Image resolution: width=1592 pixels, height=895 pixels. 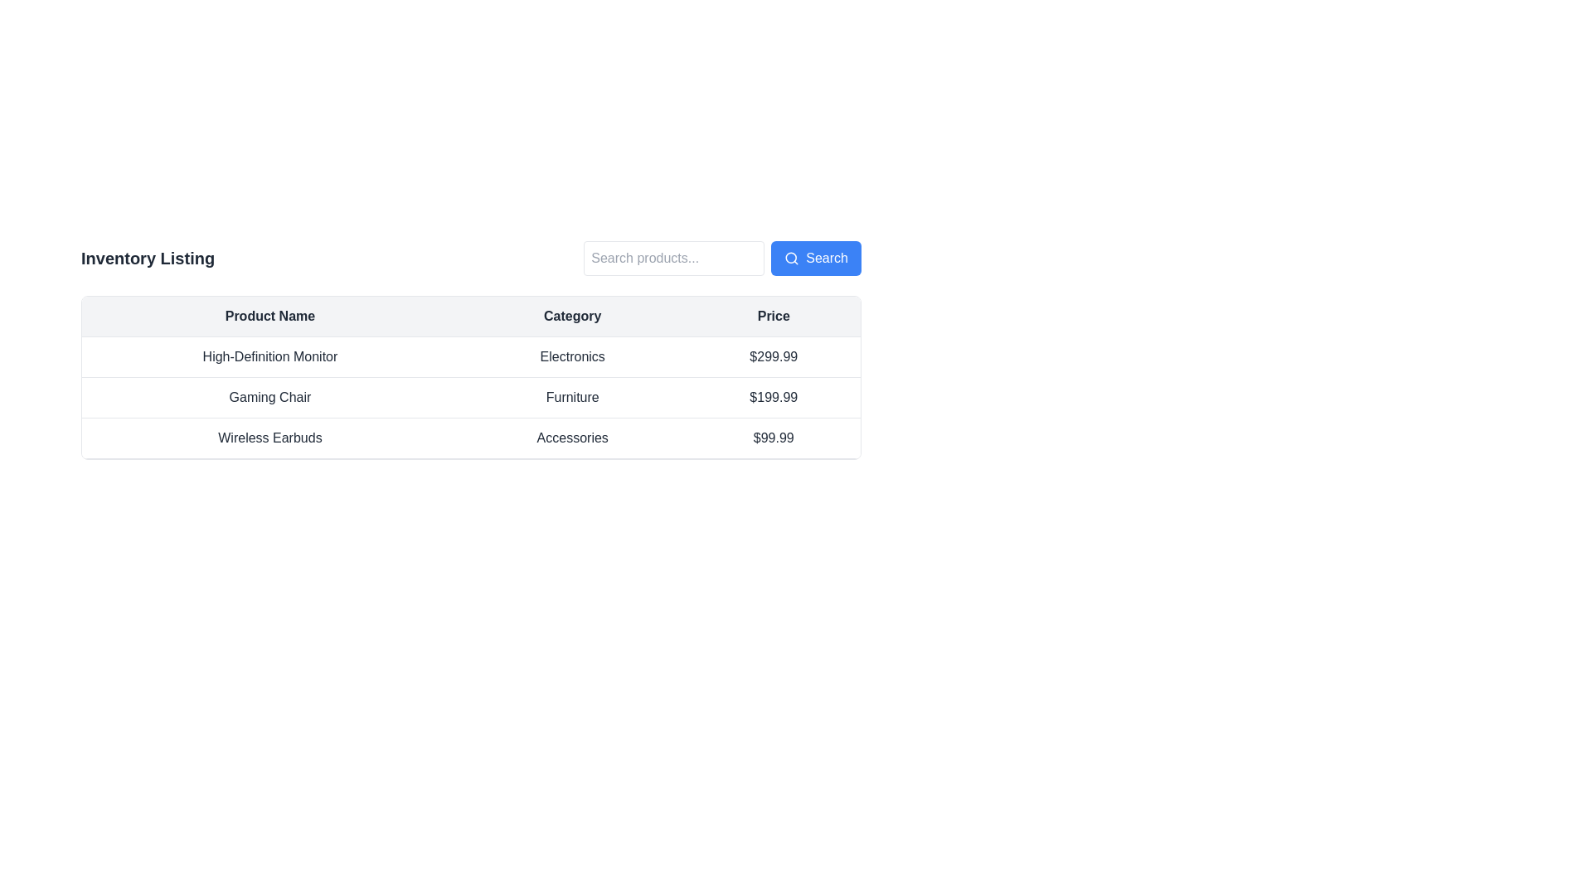 I want to click on the static text element displaying 'Gaming Chair' in the first column of the second row of the table, so click(x=270, y=397).